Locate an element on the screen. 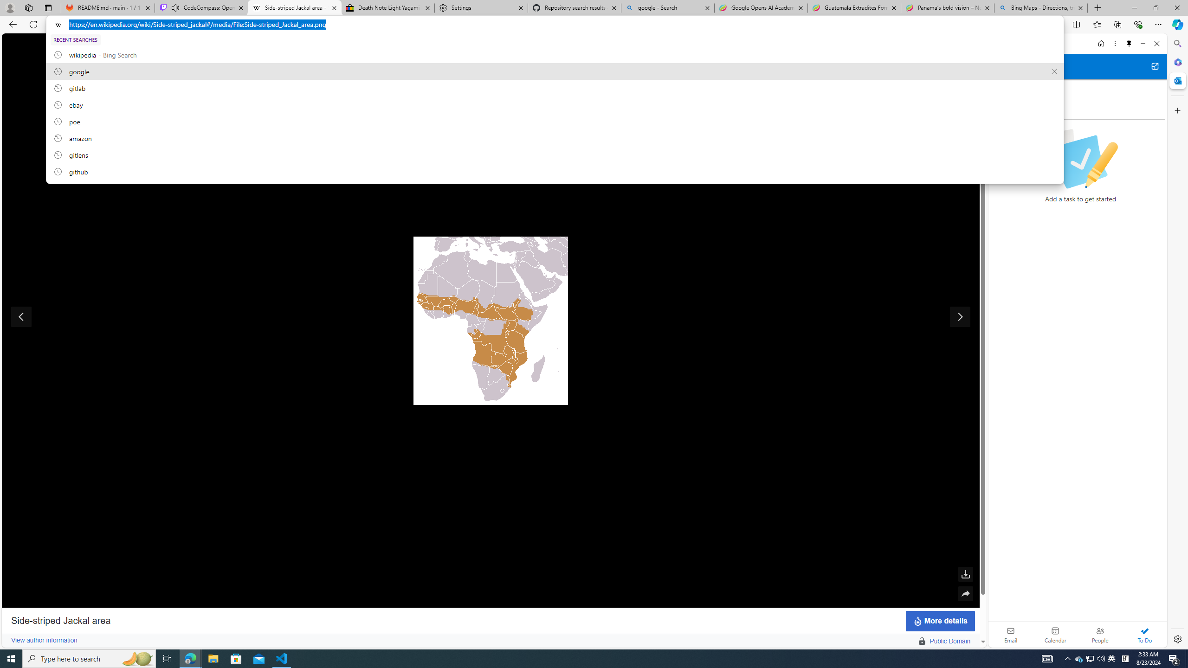 The width and height of the screenshot is (1188, 668). 'People' is located at coordinates (1099, 634).